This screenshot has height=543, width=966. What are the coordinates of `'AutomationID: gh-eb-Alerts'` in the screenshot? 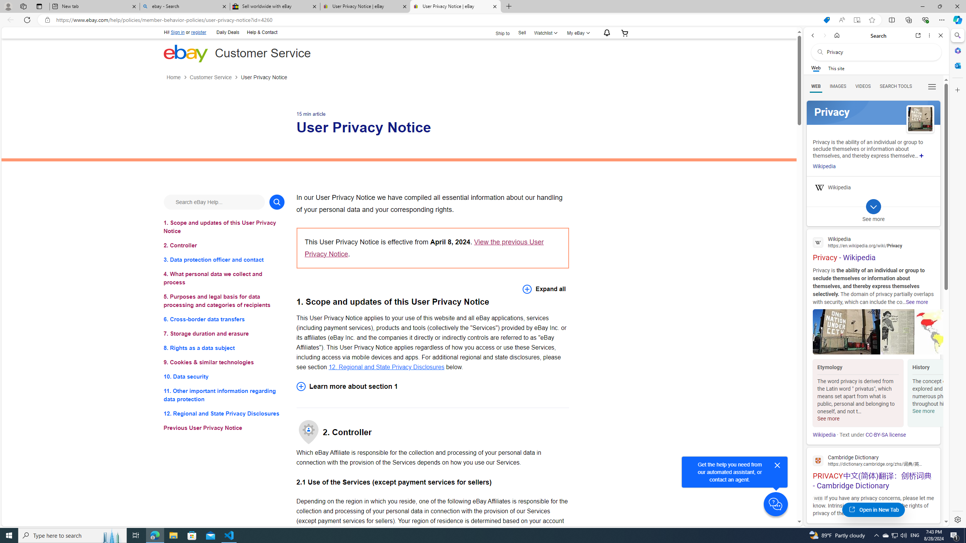 It's located at (606, 33).